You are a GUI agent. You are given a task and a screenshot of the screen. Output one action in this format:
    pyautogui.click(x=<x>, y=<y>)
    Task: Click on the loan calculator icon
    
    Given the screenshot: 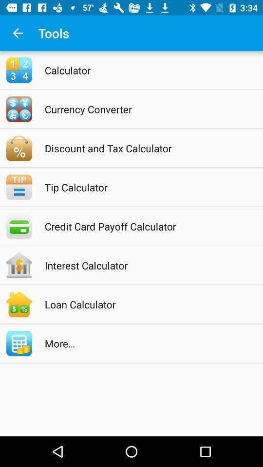 What is the action you would take?
    pyautogui.click(x=144, y=304)
    